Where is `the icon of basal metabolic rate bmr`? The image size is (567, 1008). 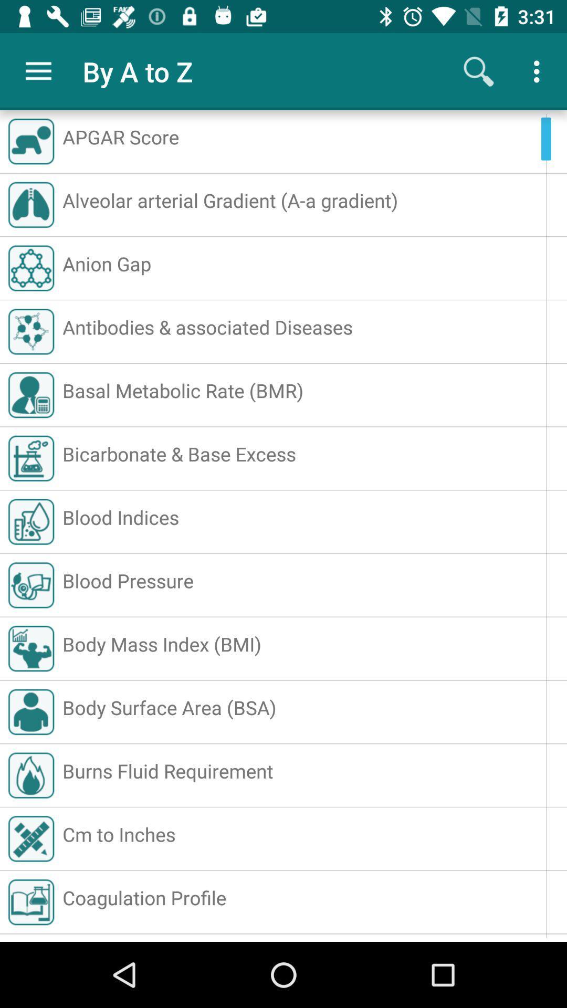 the icon of basal metabolic rate bmr is located at coordinates (31, 395).